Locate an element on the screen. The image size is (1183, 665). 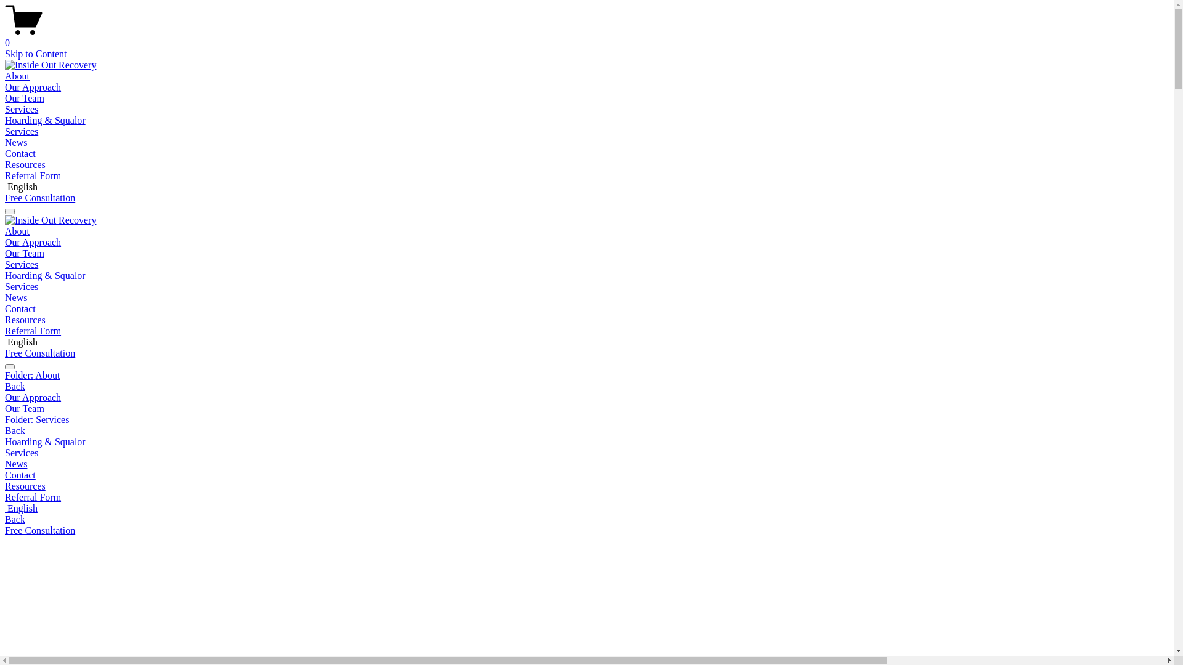
'0' is located at coordinates (586, 37).